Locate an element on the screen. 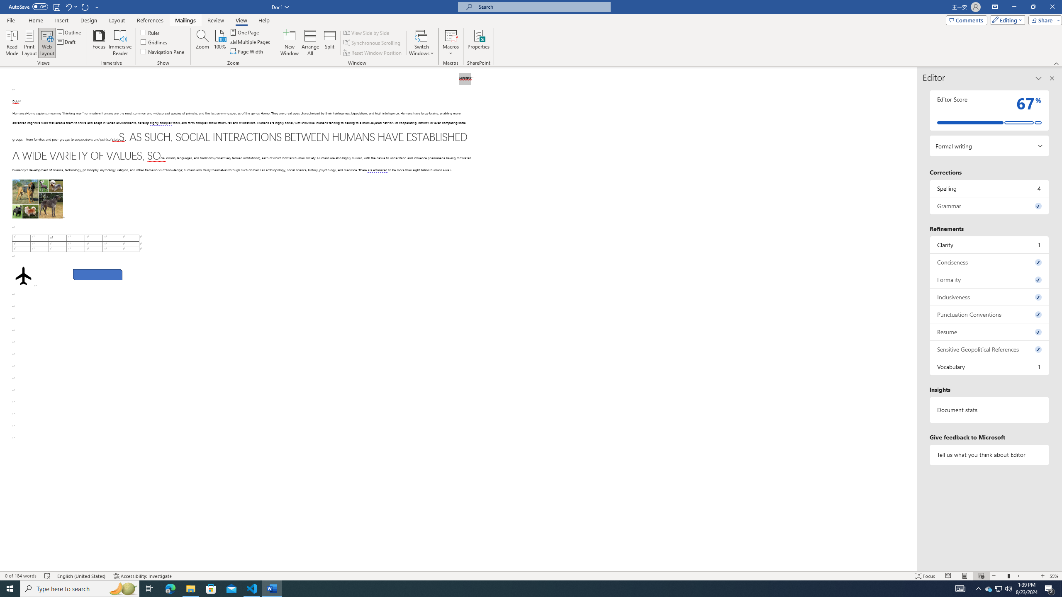 The width and height of the screenshot is (1062, 597). 'Immersive Reader' is located at coordinates (120, 43).